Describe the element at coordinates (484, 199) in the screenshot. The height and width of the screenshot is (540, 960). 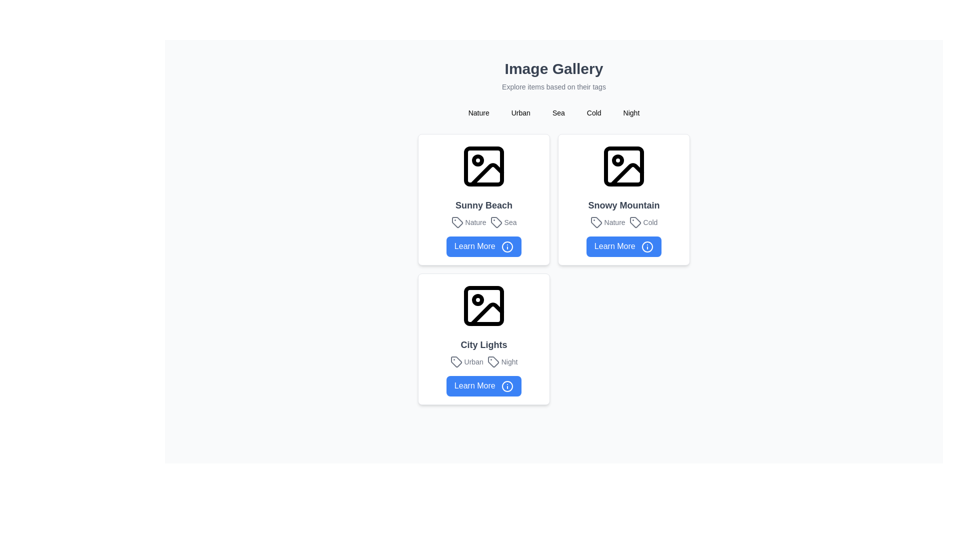
I see `the 'Sunny Beach' card in the 'Image Gallery' section` at that location.